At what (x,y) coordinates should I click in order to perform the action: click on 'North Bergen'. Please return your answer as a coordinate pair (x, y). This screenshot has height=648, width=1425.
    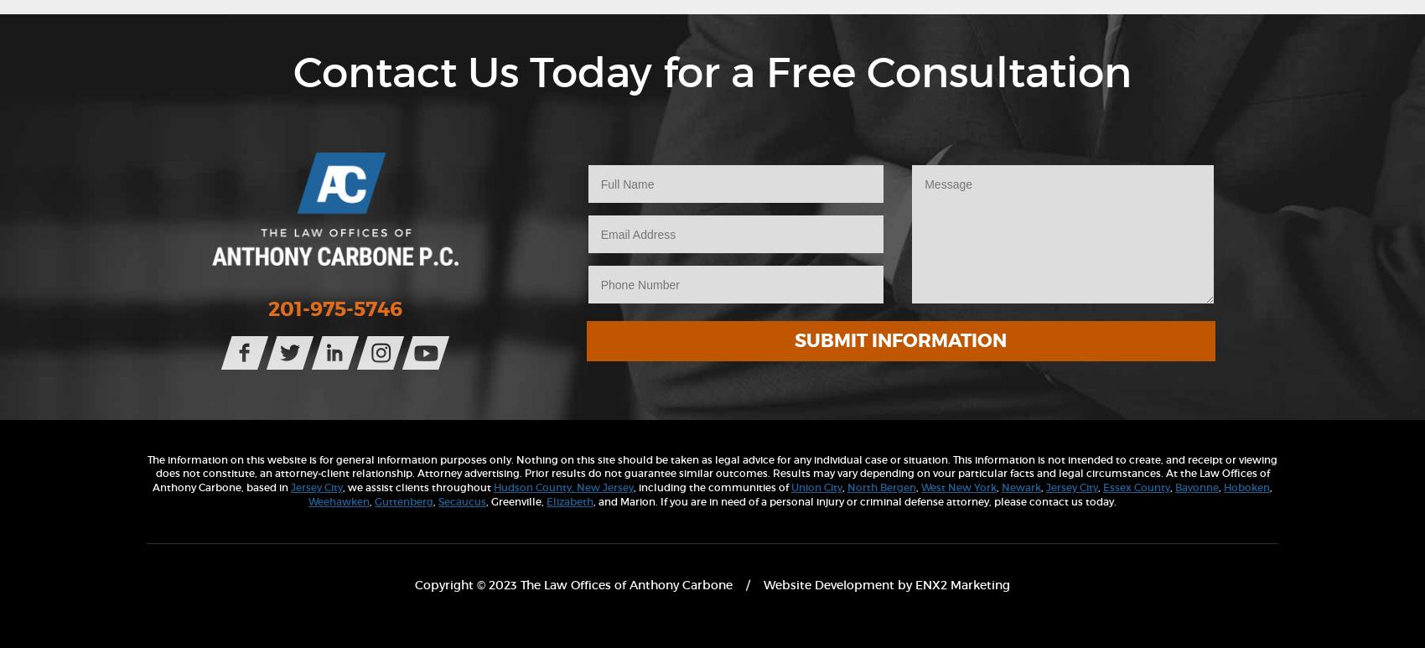
    Looking at the image, I should click on (880, 487).